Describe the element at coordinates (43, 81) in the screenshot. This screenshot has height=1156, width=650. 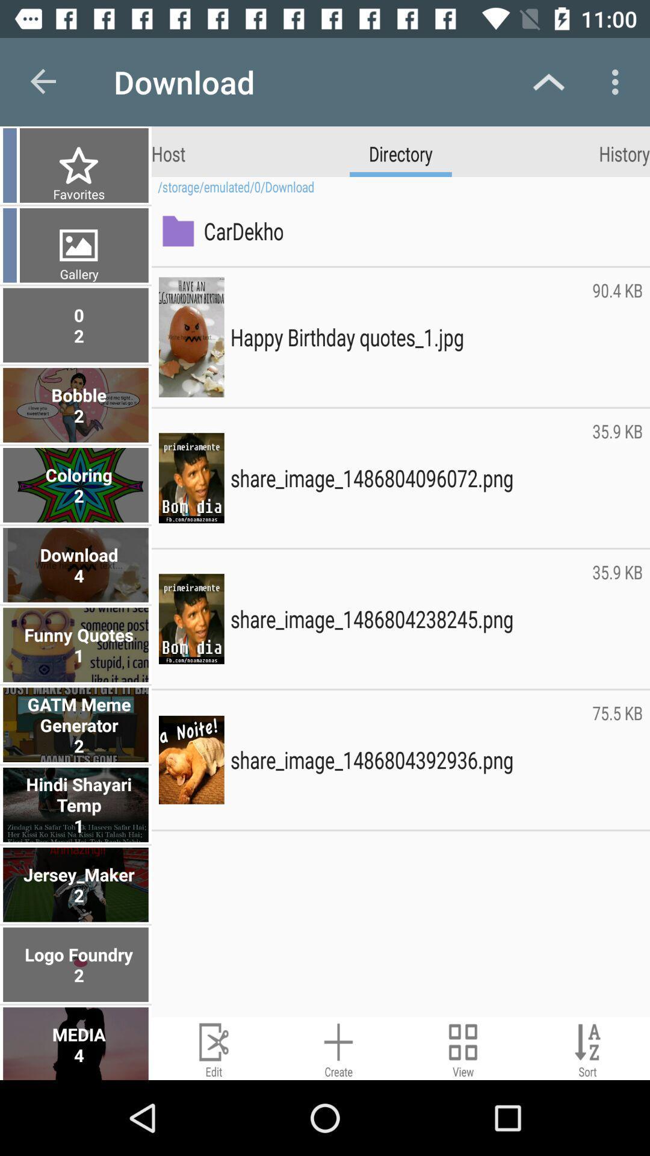
I see `icon next to the download` at that location.